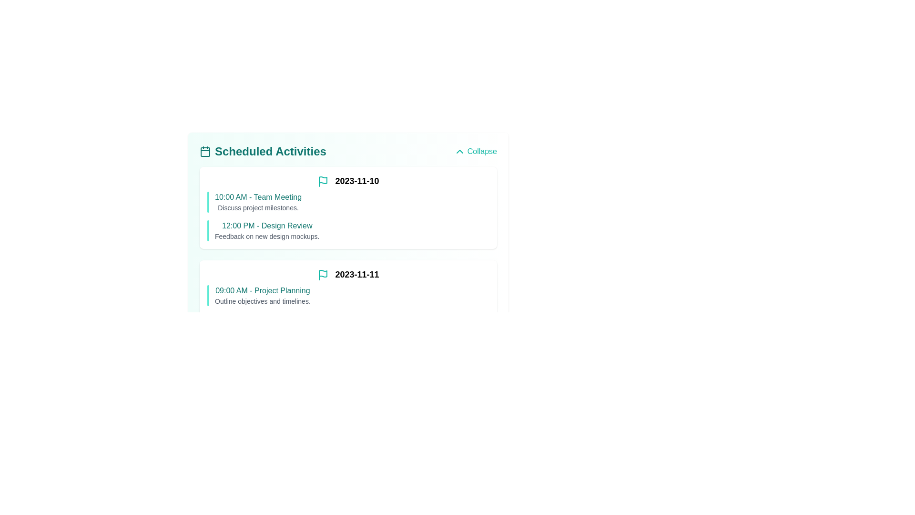  What do you see at coordinates (207, 230) in the screenshot?
I see `the Highlight bar or vertical indicator, which is a teal vertical line with rounded edges, positioned on the left boundary of a list item representing a scheduled activity` at bounding box center [207, 230].